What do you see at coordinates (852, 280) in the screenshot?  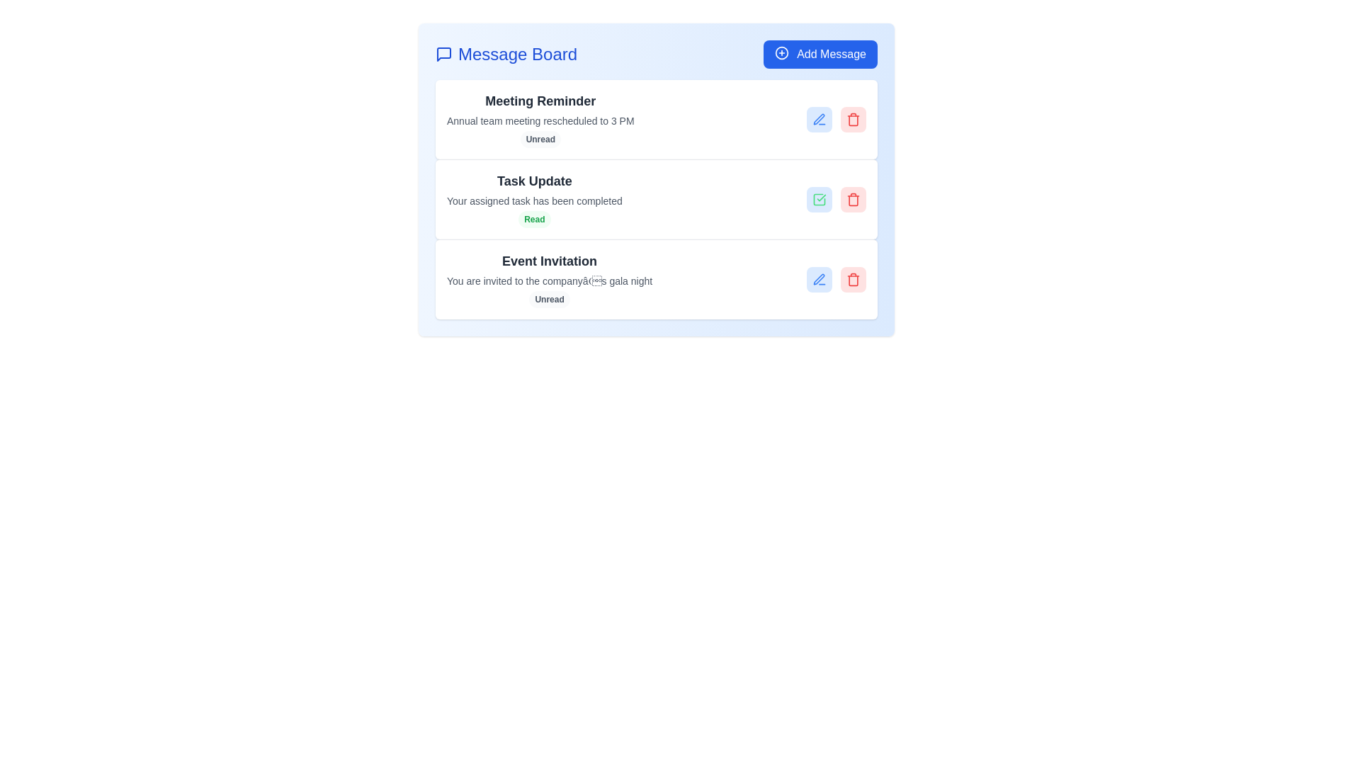 I see `the trash can icon button, which signifies the delete action, located at the far right of the 'Event Invitation' notification` at bounding box center [852, 280].